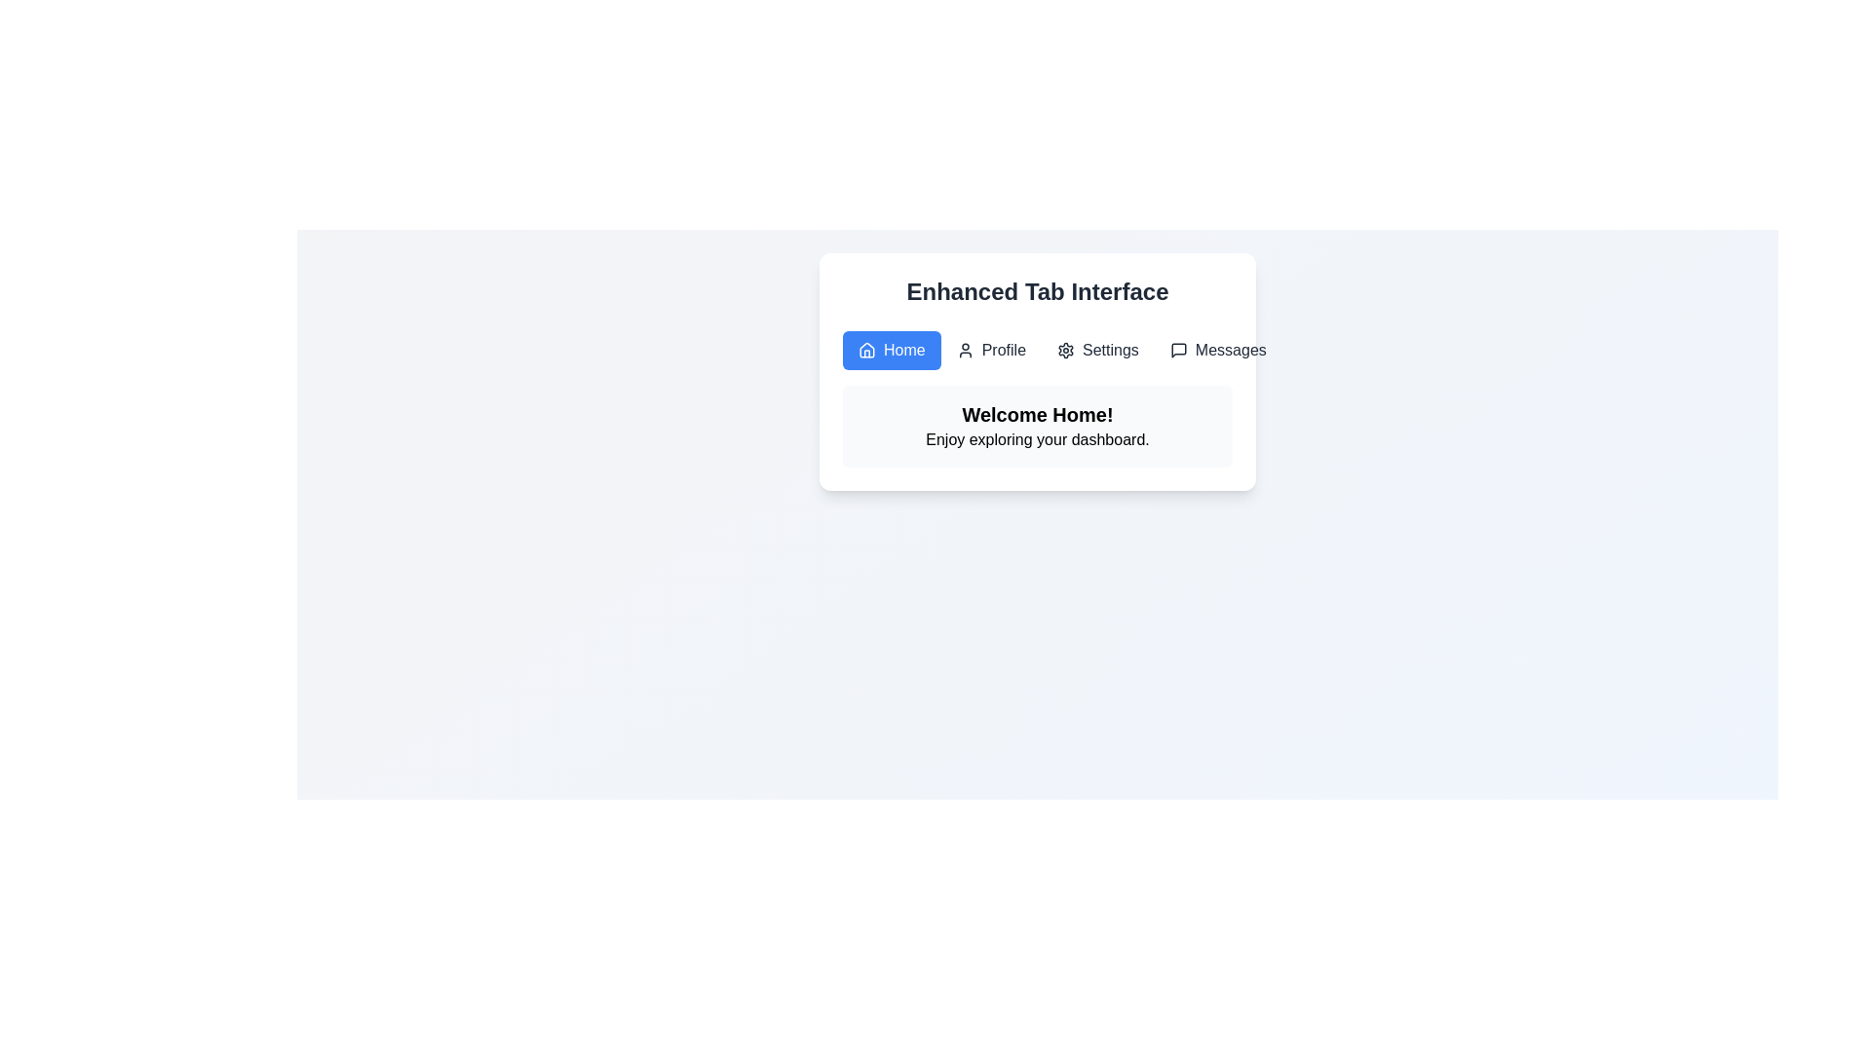  Describe the element at coordinates (1037, 439) in the screenshot. I see `the static text label reading 'Enjoy exploring your dashboard.' which is located directly beneath the bold title 'Welcome Home!'` at that location.